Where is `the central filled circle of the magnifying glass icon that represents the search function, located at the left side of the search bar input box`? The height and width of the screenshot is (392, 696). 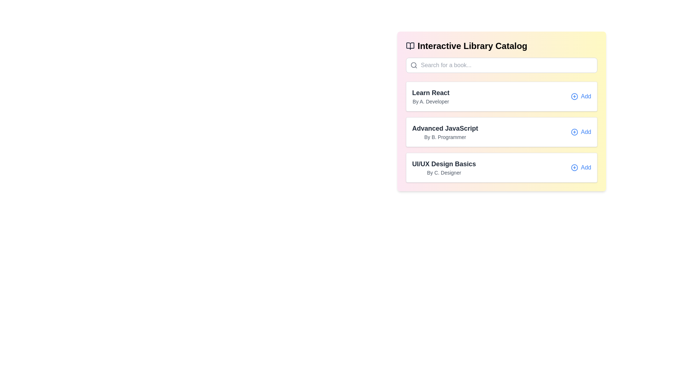 the central filled circle of the magnifying glass icon that represents the search function, located at the left side of the search bar input box is located at coordinates (414, 65).